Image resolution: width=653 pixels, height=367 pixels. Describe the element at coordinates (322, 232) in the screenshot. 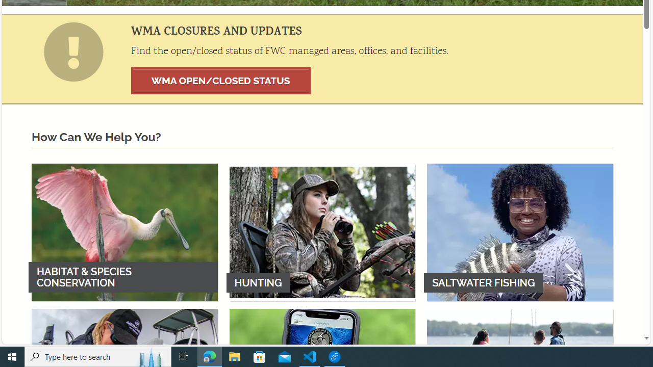

I see `'HUNTING'` at that location.